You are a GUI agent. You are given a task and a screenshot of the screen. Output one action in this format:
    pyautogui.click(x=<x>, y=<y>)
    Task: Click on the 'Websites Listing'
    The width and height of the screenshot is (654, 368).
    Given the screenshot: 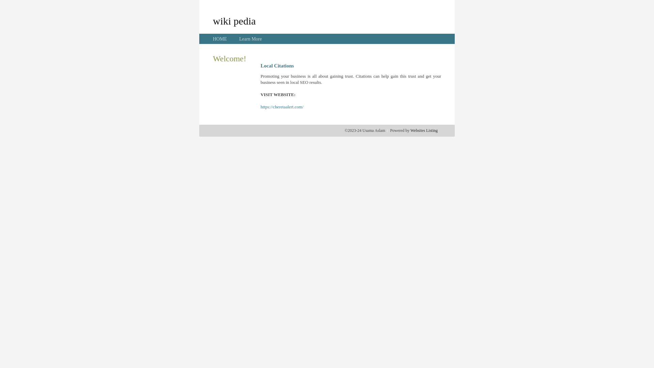 What is the action you would take?
    pyautogui.click(x=423, y=130)
    